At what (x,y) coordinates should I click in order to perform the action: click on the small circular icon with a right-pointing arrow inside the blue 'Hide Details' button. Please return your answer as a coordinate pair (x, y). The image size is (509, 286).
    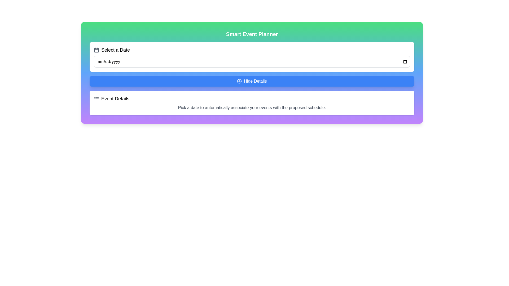
    Looking at the image, I should click on (239, 81).